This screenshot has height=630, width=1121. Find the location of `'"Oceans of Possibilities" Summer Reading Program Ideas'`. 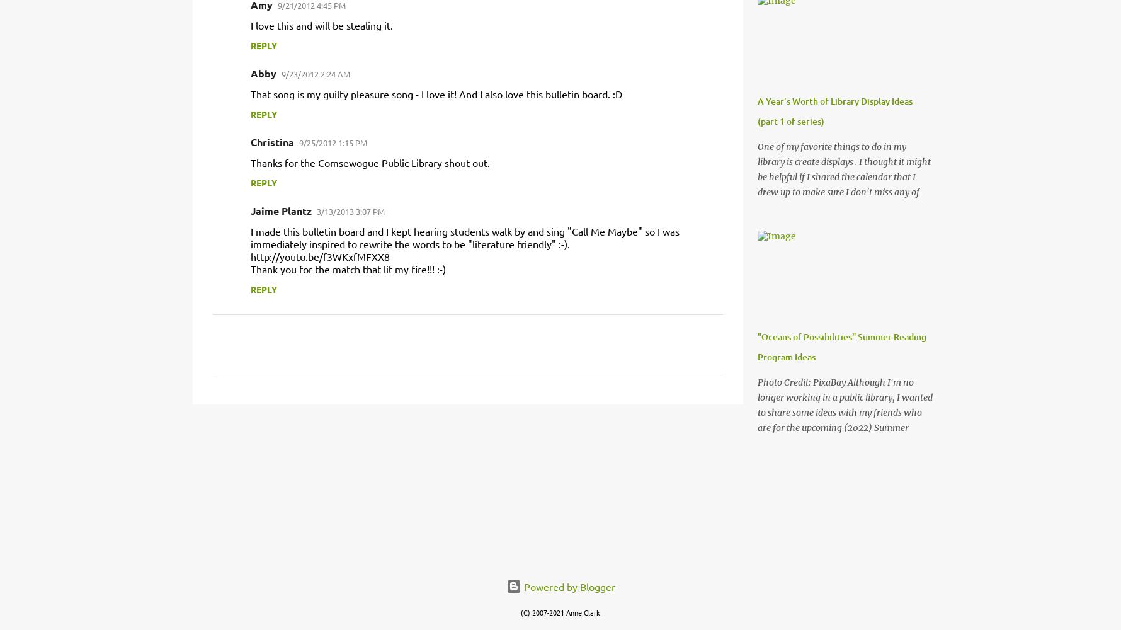

'"Oceans of Possibilities" Summer Reading Program Ideas' is located at coordinates (841, 346).